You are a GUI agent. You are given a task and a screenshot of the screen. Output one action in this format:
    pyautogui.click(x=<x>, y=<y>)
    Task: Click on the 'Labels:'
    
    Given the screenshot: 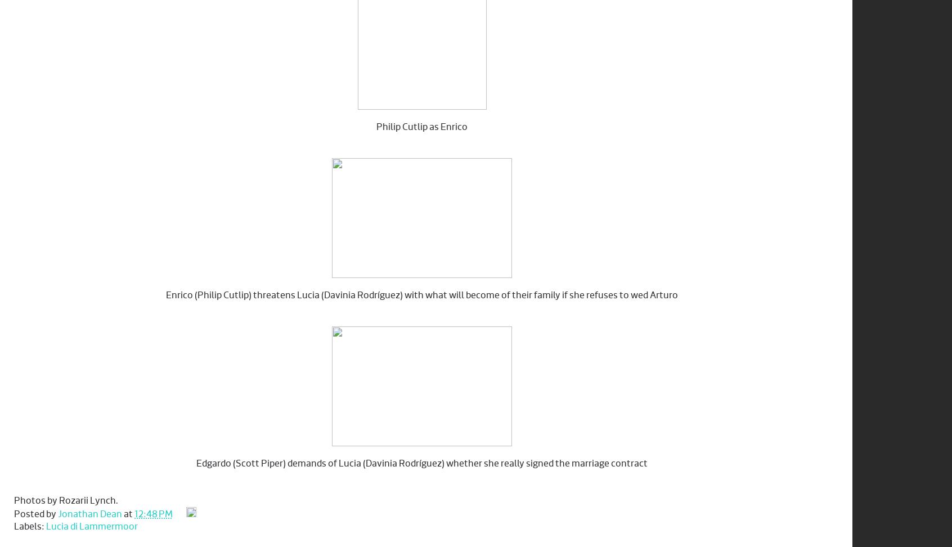 What is the action you would take?
    pyautogui.click(x=29, y=526)
    